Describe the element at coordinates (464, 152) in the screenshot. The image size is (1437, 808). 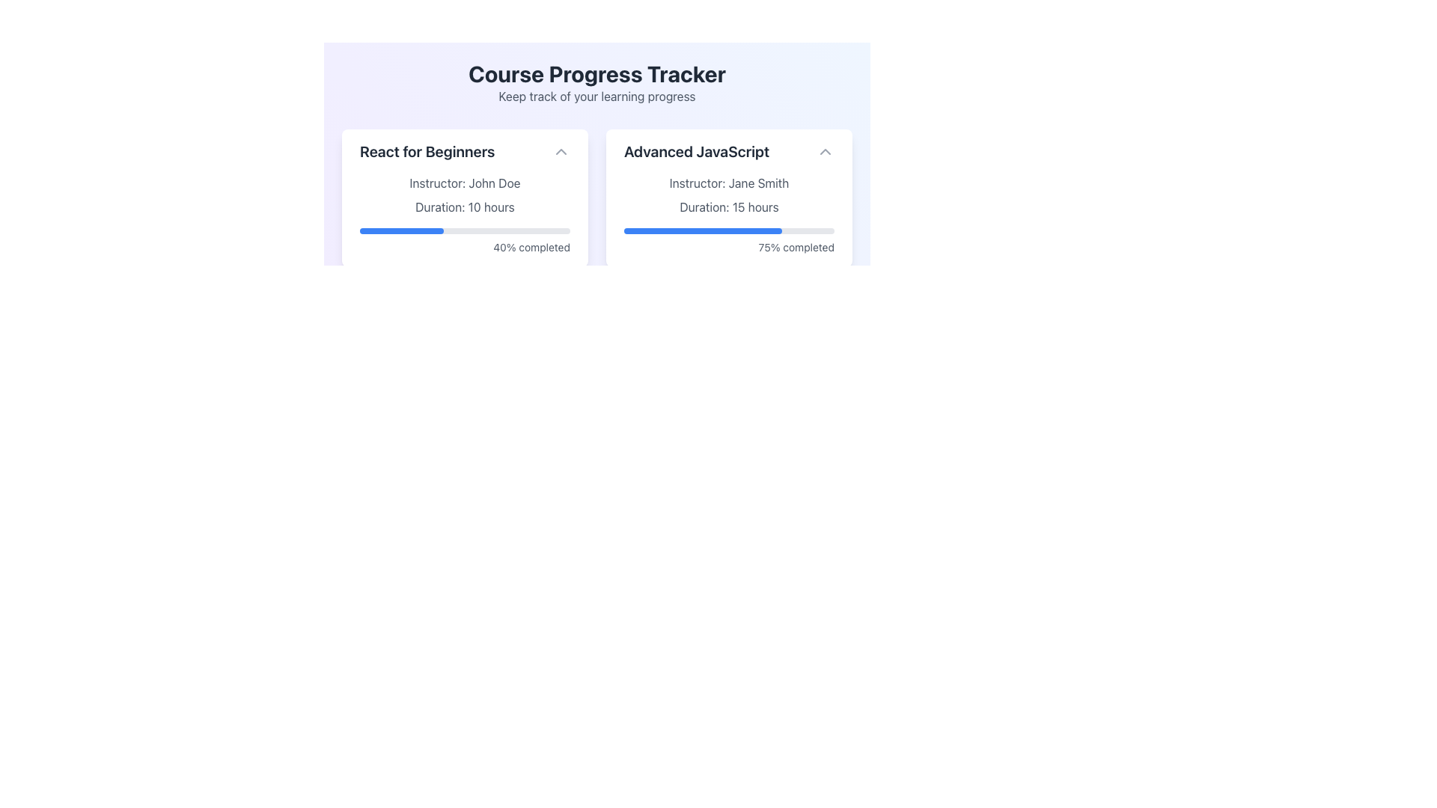
I see `the text header 'React` at that location.